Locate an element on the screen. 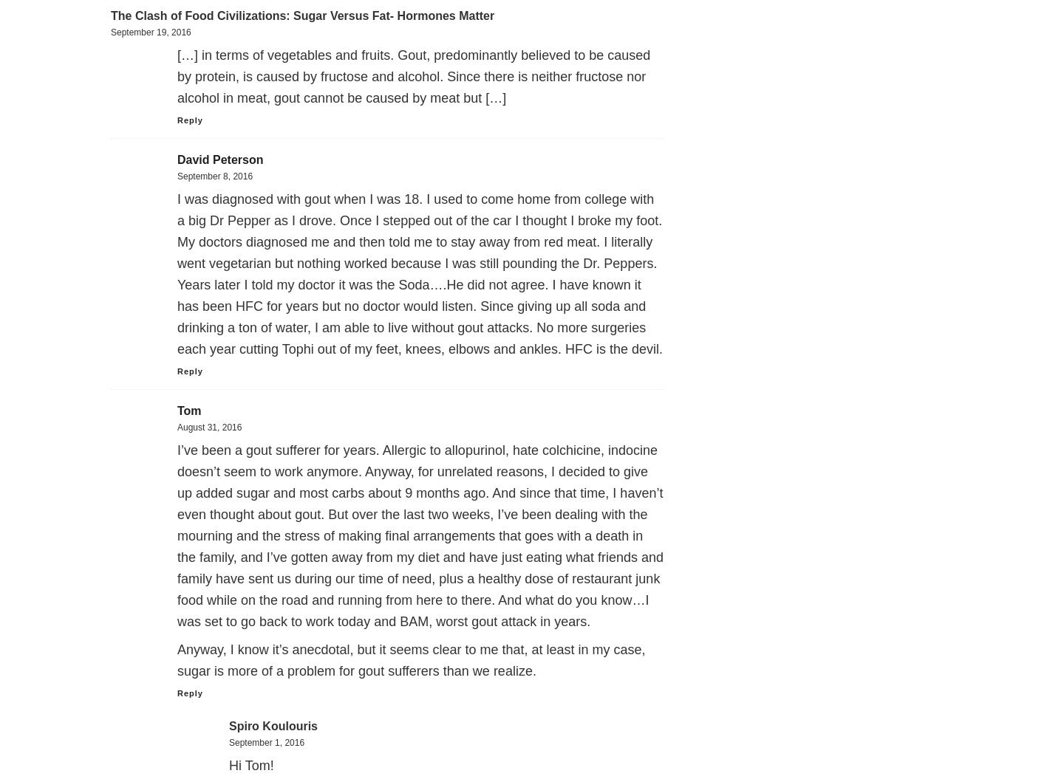 The image size is (1064, 779). 'Anyway, I know it’s anecdotal, but it seems clear to me that, at least in my case, sugar is more of a problem for gout sufferers than we realize.' is located at coordinates (411, 659).